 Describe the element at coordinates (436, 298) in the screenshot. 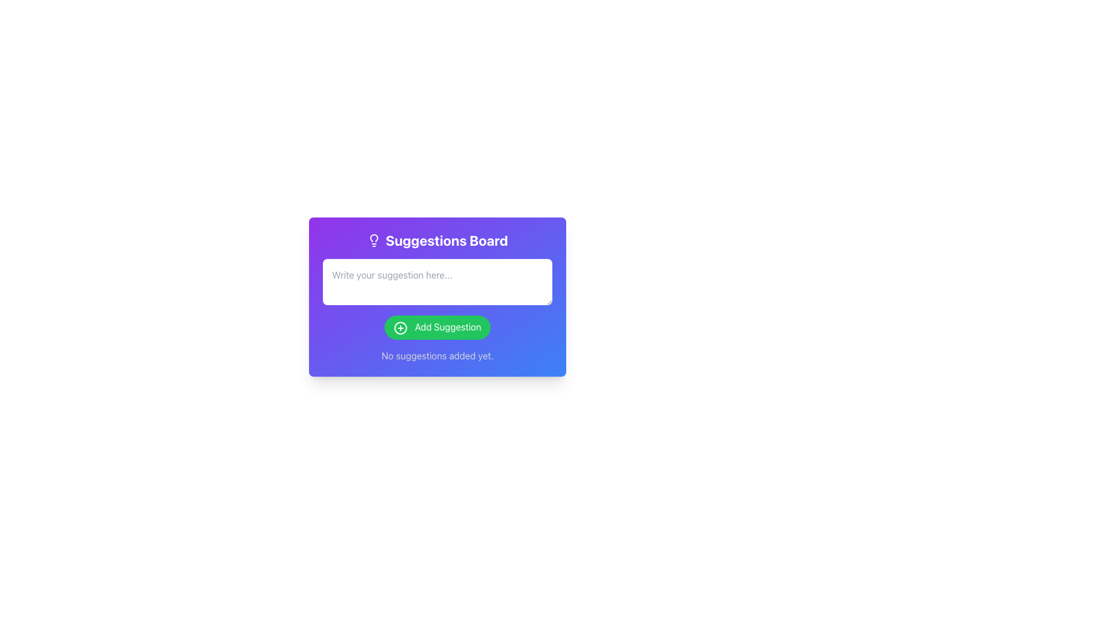

I see `the text input field located in the 'Suggestions Board' section, which allows users to type their suggestions` at that location.